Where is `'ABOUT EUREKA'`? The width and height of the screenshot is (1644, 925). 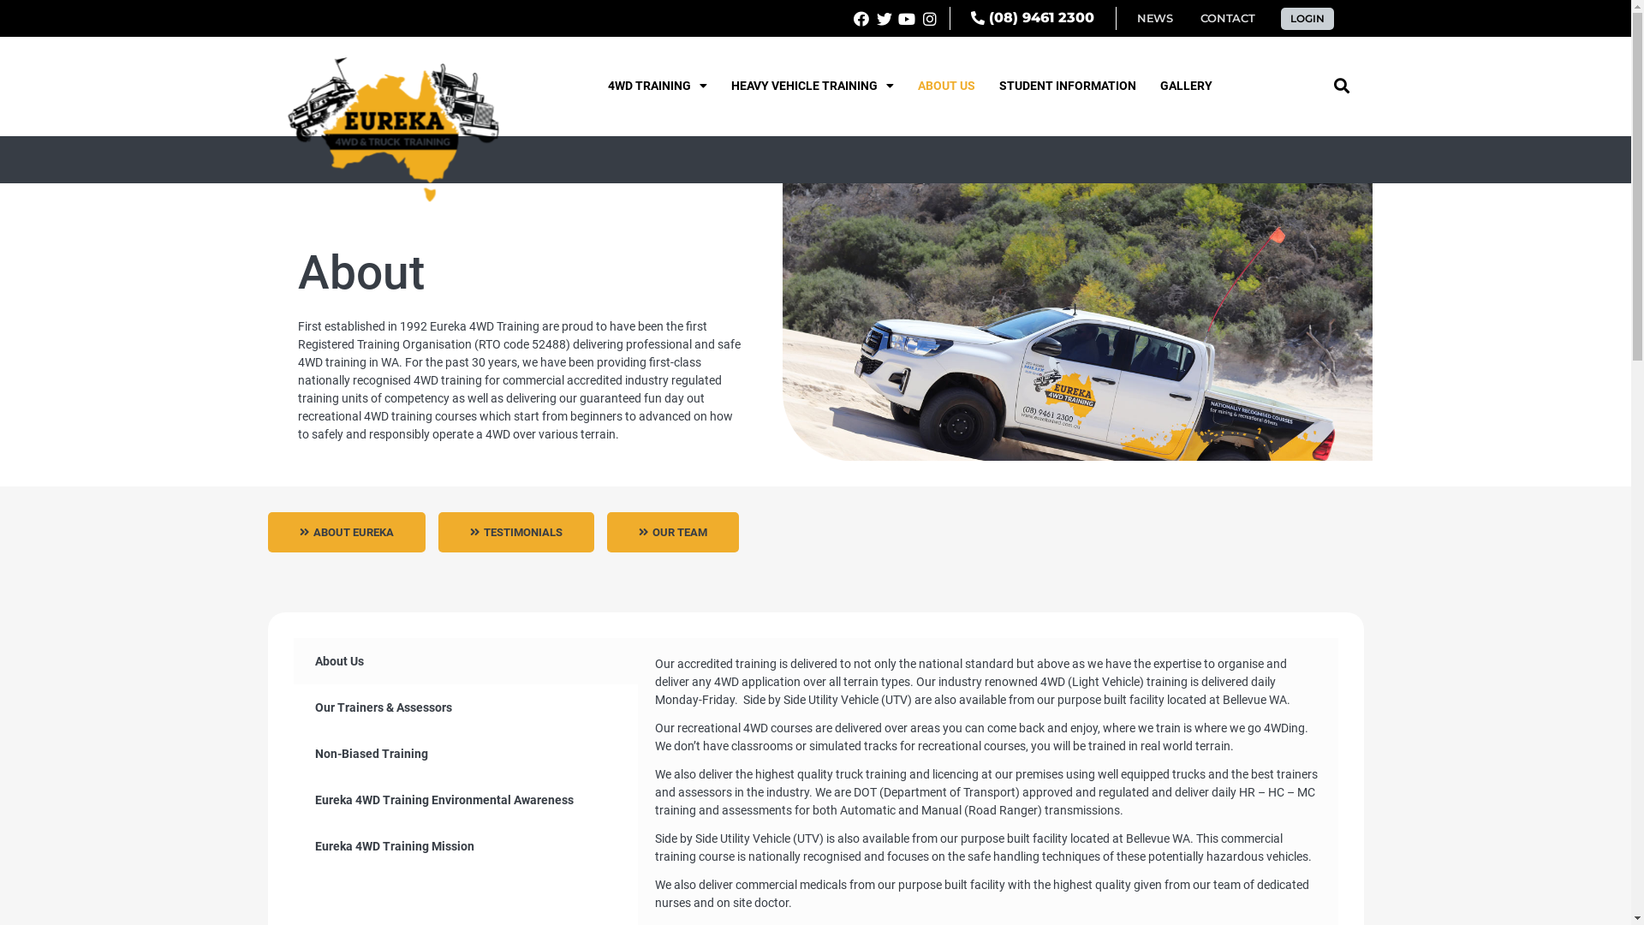 'ABOUT EUREKA' is located at coordinates (344, 531).